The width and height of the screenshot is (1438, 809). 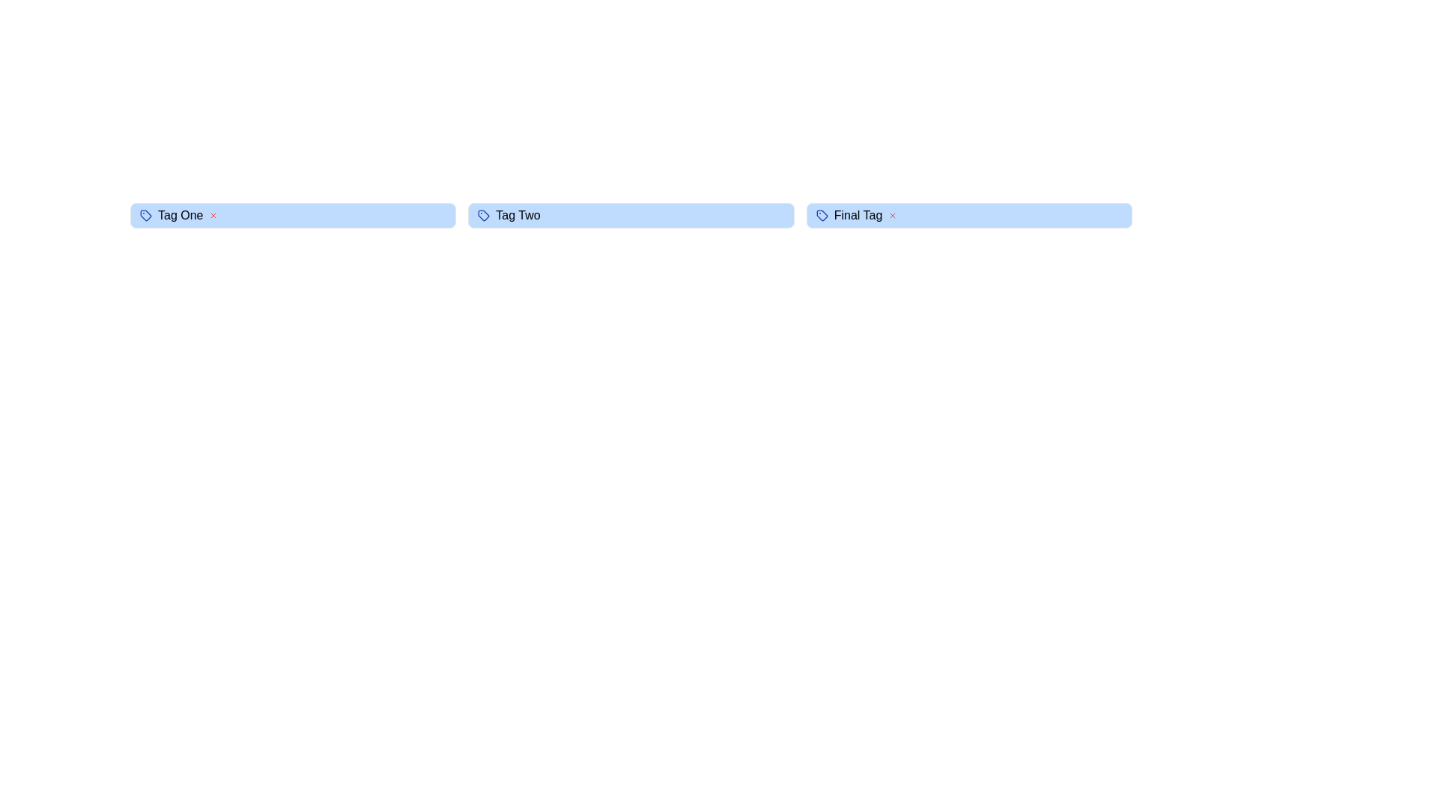 I want to click on the text label displaying 'Tag One', which is a bold text within a light blue rounded rectangle background, positioned to the left of a tag icon and before a small 'x' icon, so click(x=180, y=216).